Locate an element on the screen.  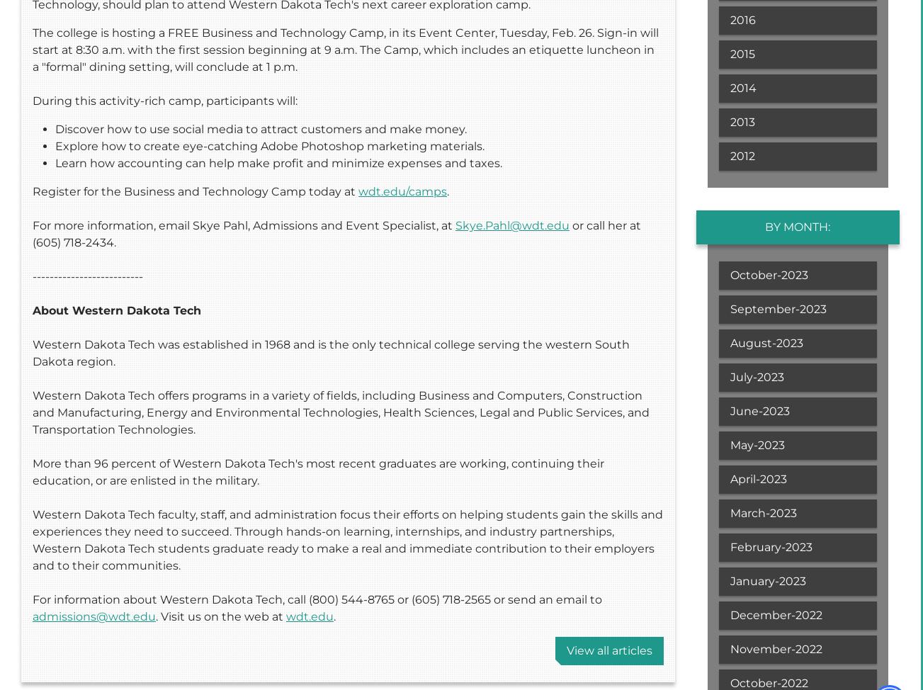
'or call her at (605) 718-2434.' is located at coordinates (336, 234).